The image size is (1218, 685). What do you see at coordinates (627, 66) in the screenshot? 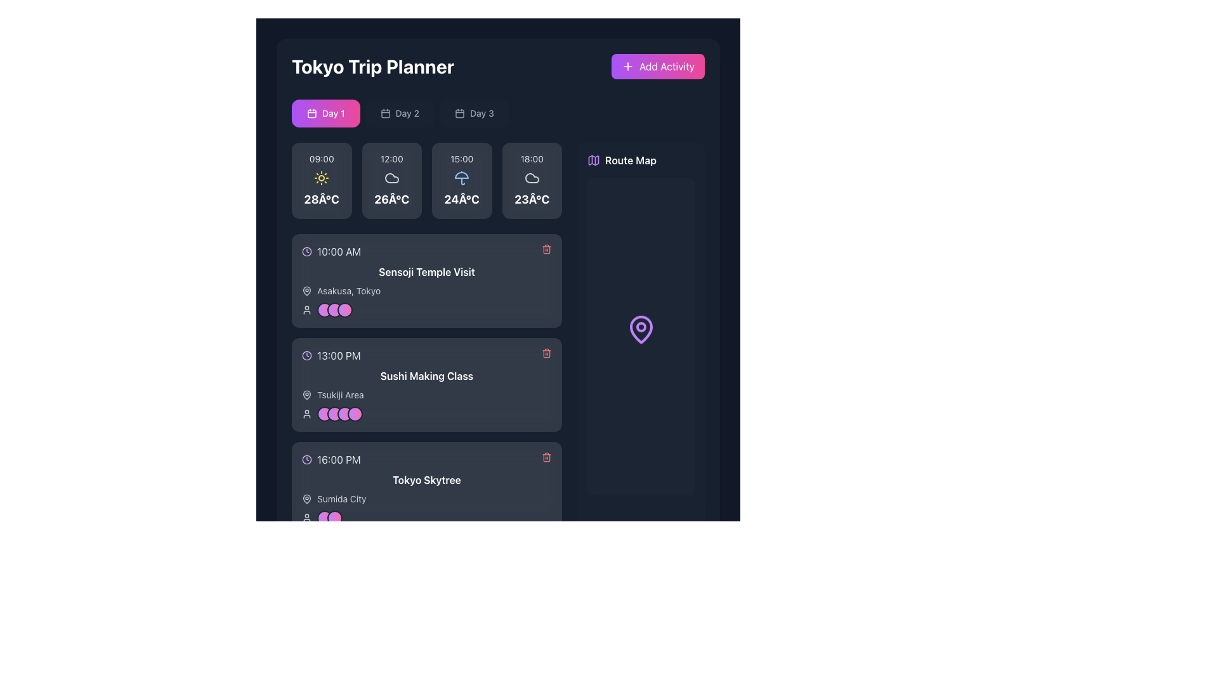
I see `the '+' icon inside the 'Add Activity' button in the 'Tokyo Trip Planner' section` at bounding box center [627, 66].